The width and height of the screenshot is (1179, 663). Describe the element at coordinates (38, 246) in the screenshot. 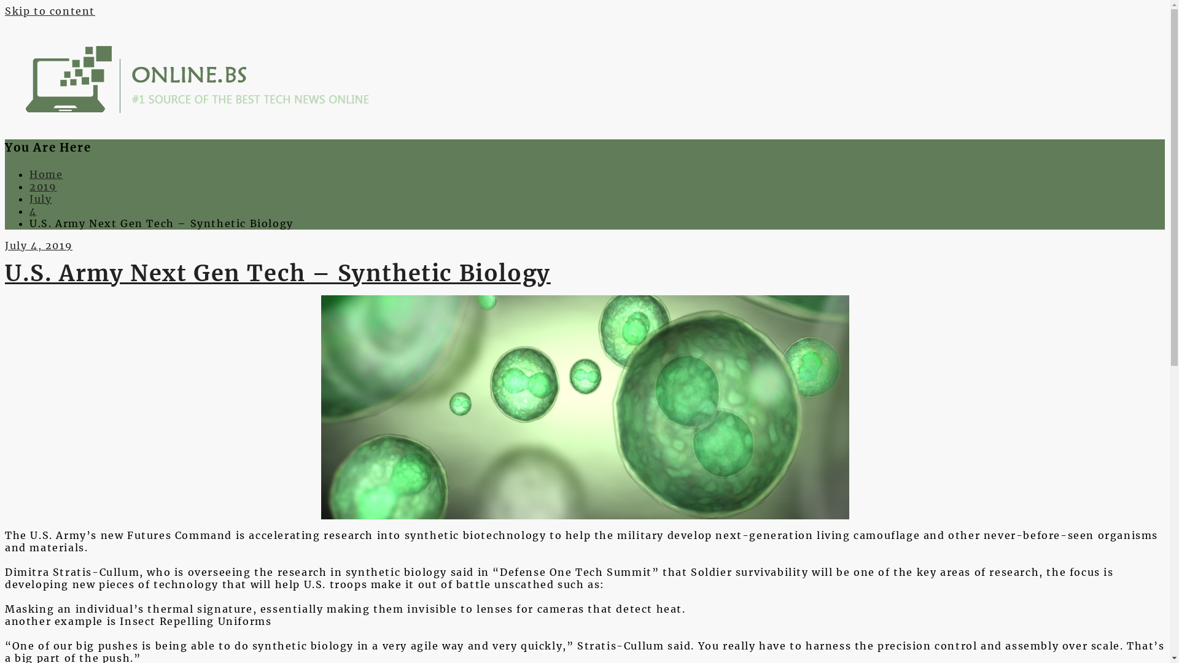

I see `'July 4, 2019'` at that location.